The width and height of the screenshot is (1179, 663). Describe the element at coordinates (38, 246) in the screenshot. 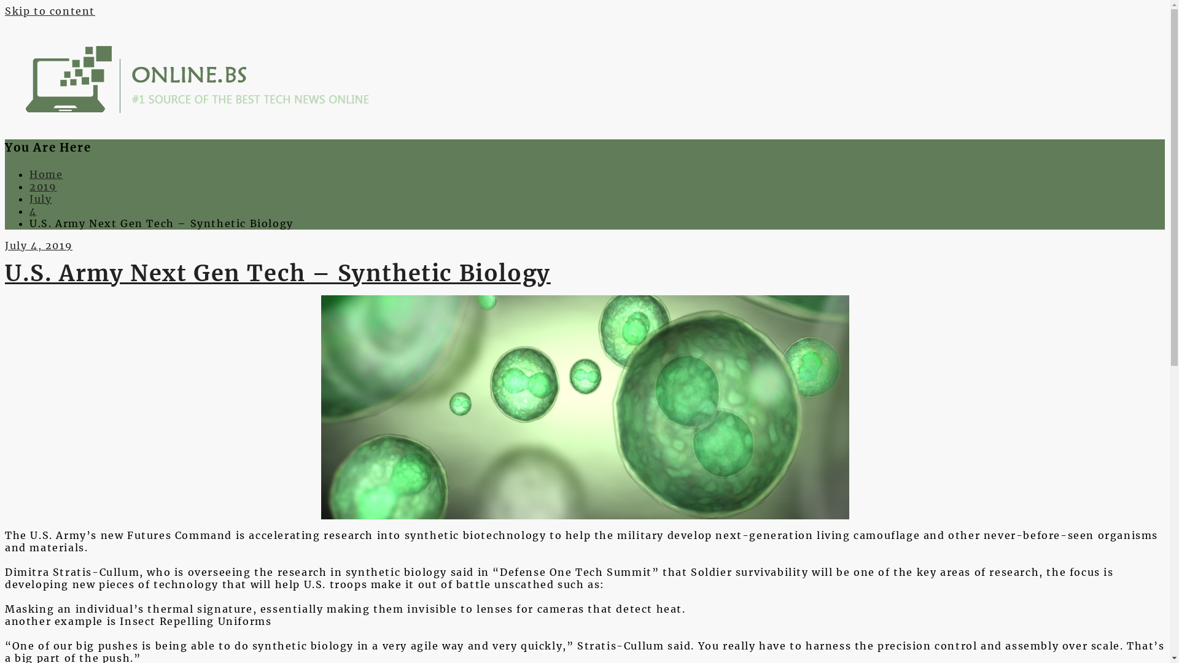

I see `'July 4, 2019'` at that location.